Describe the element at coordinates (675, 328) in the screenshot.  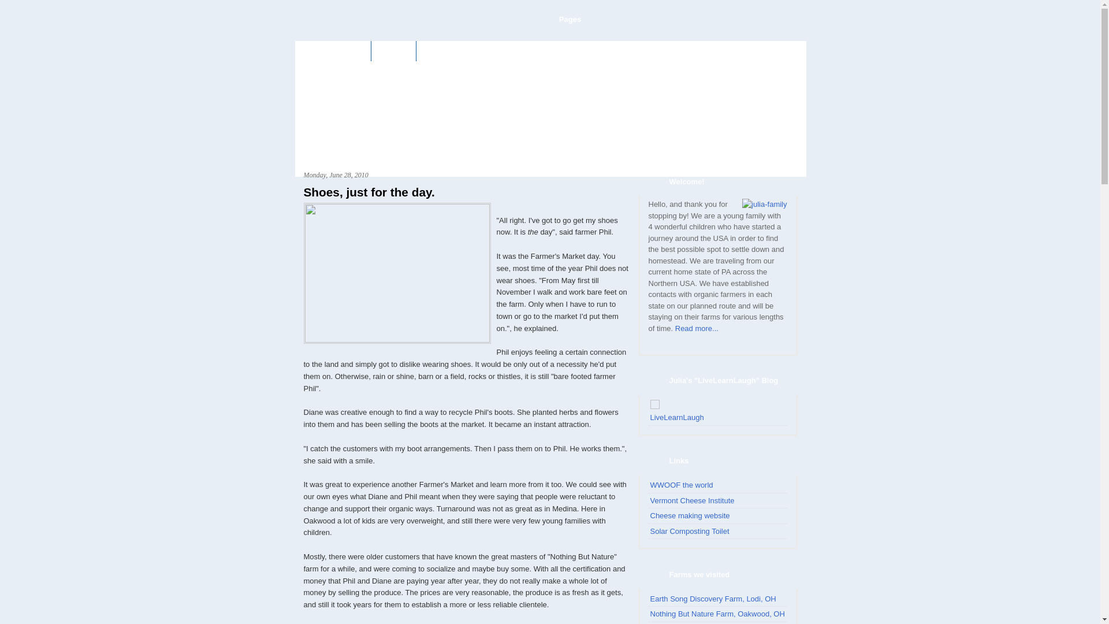
I see `'Read more...'` at that location.